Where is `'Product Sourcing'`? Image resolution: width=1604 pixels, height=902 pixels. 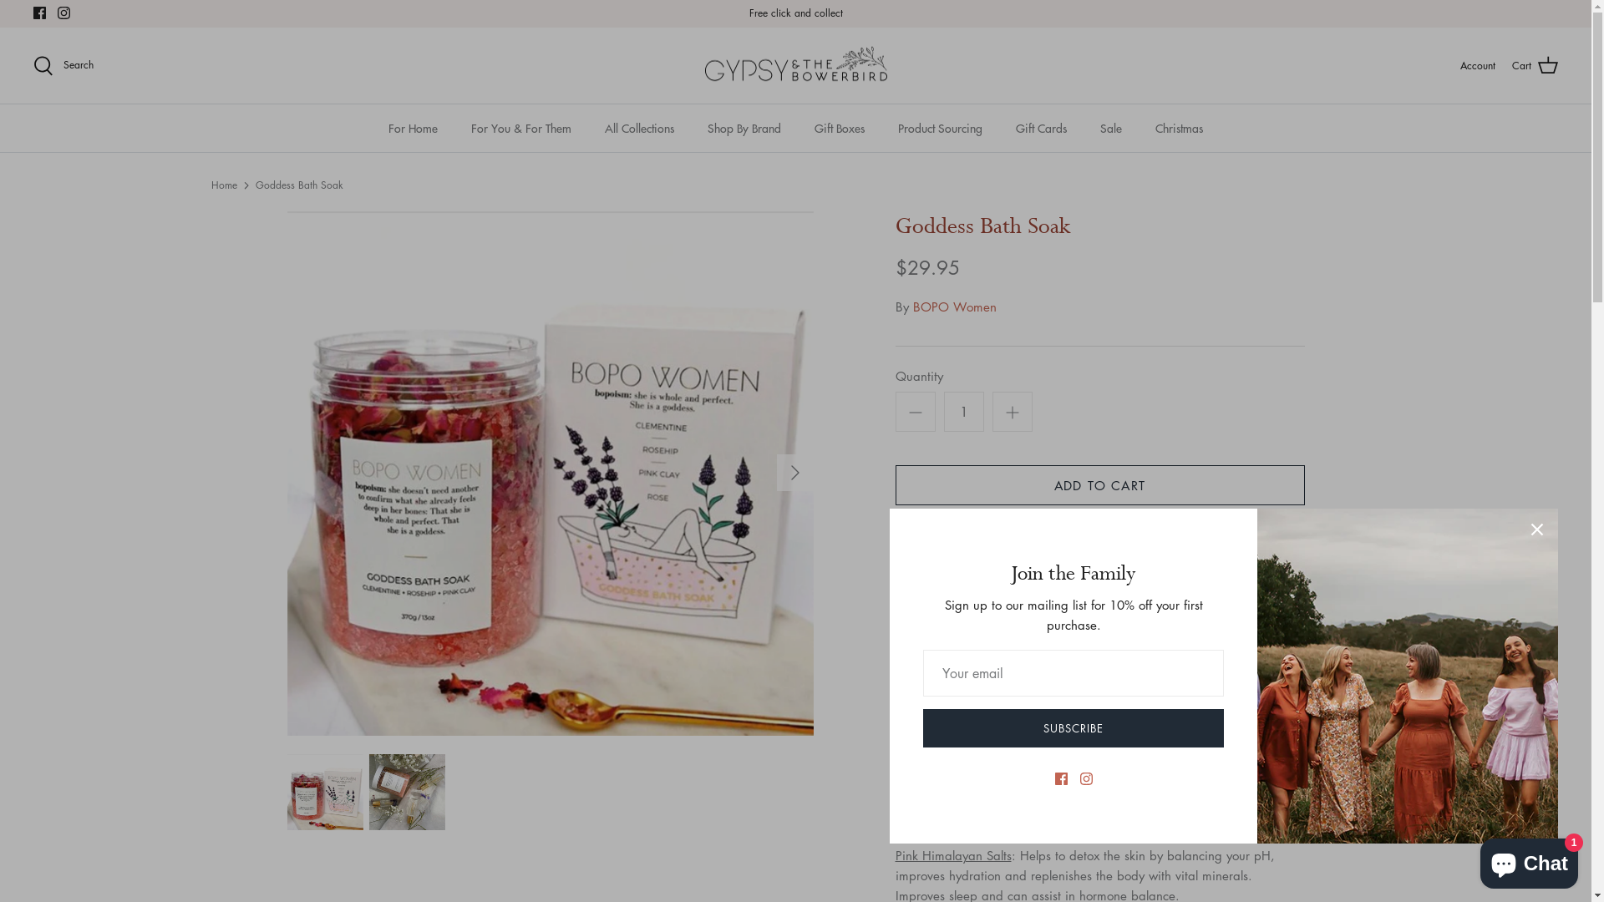
'Product Sourcing' is located at coordinates (940, 127).